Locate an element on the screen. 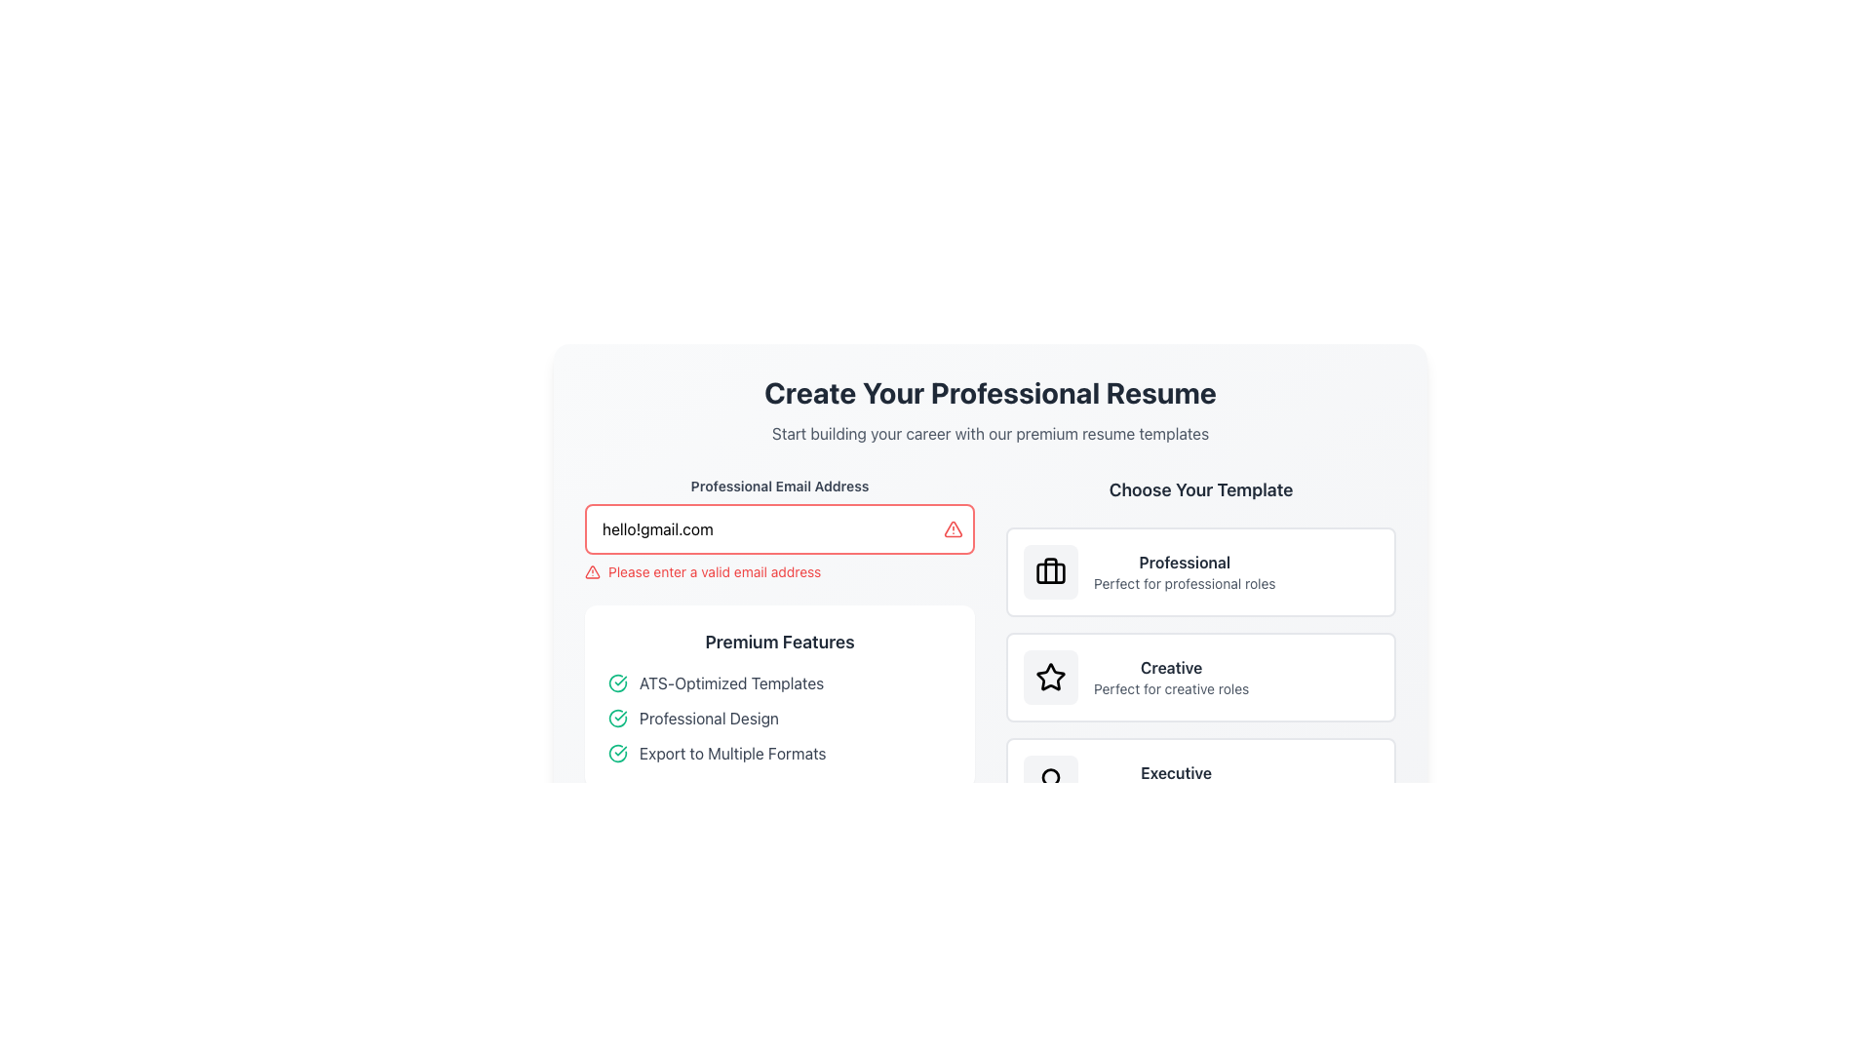 This screenshot has width=1872, height=1053. the error message text block styled with red text that states 'Please enter a valid email address', located below the email address input field is located at coordinates (780, 570).